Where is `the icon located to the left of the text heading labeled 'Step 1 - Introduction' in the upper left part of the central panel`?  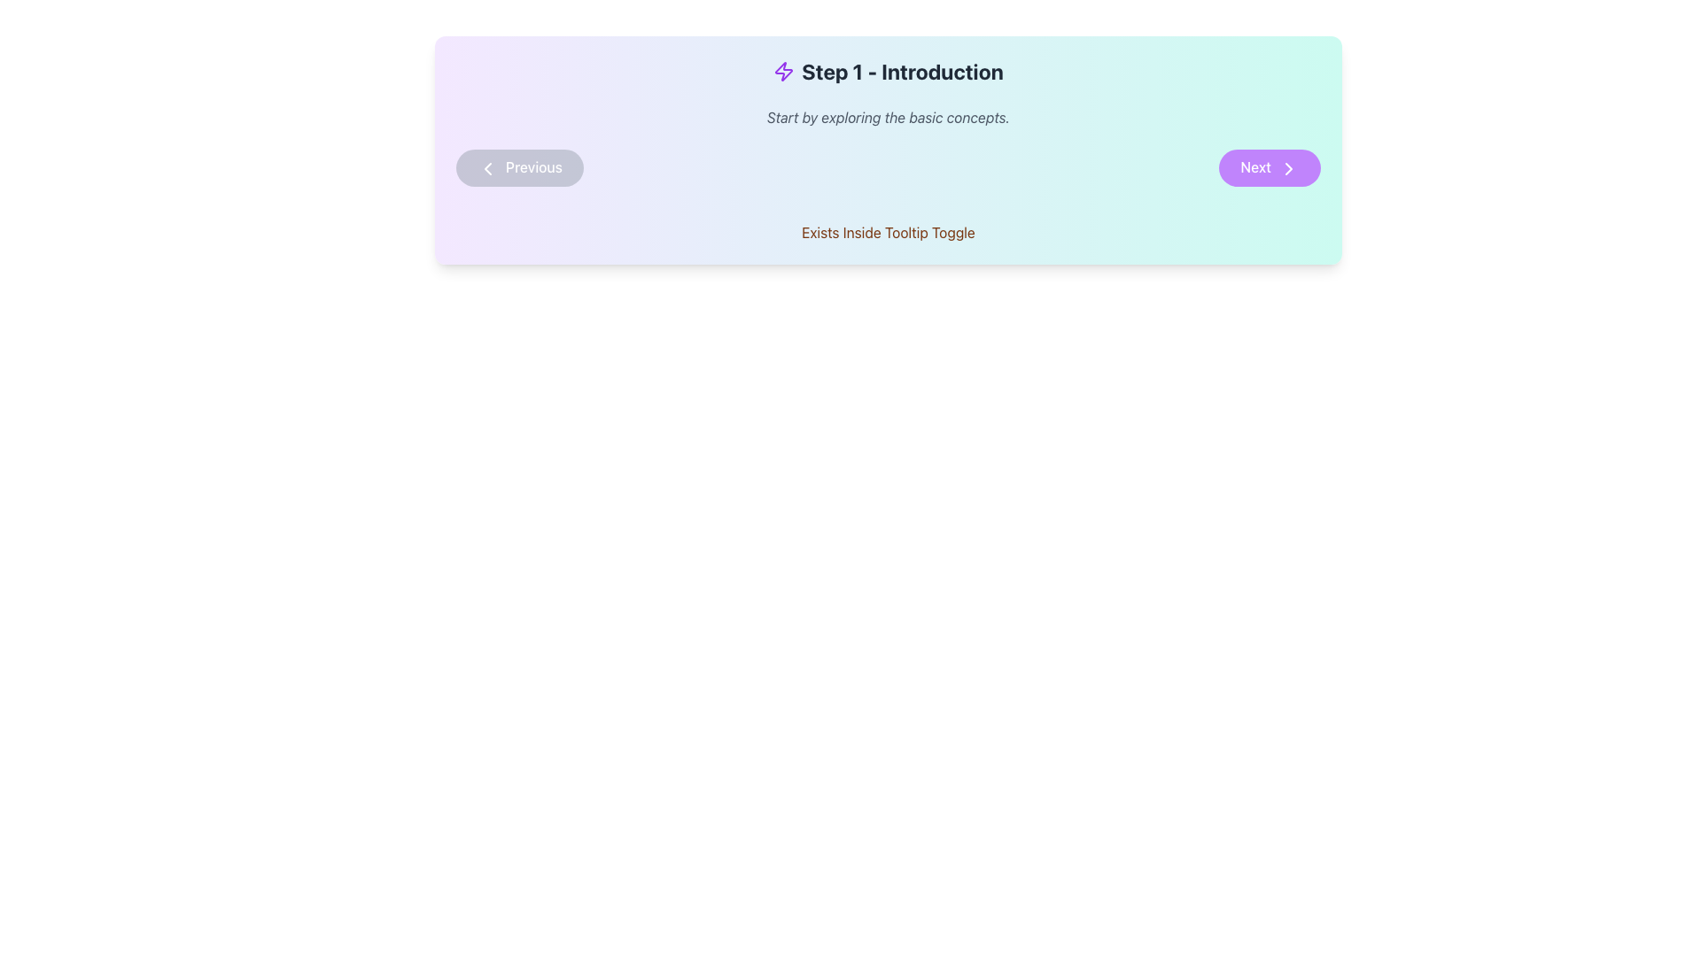 the icon located to the left of the text heading labeled 'Step 1 - Introduction' in the upper left part of the central panel is located at coordinates (783, 71).